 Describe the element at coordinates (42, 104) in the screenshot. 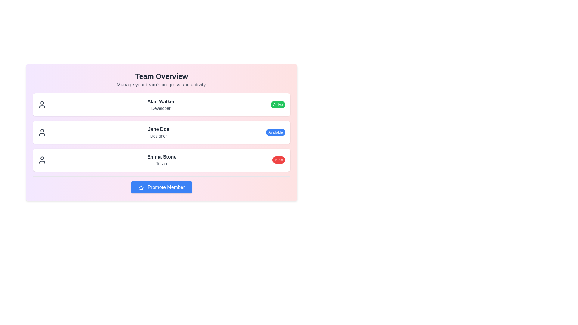

I see `the user profile icon located in the first row of the user overview block, to the left of 'Alan Walker Developer'` at that location.